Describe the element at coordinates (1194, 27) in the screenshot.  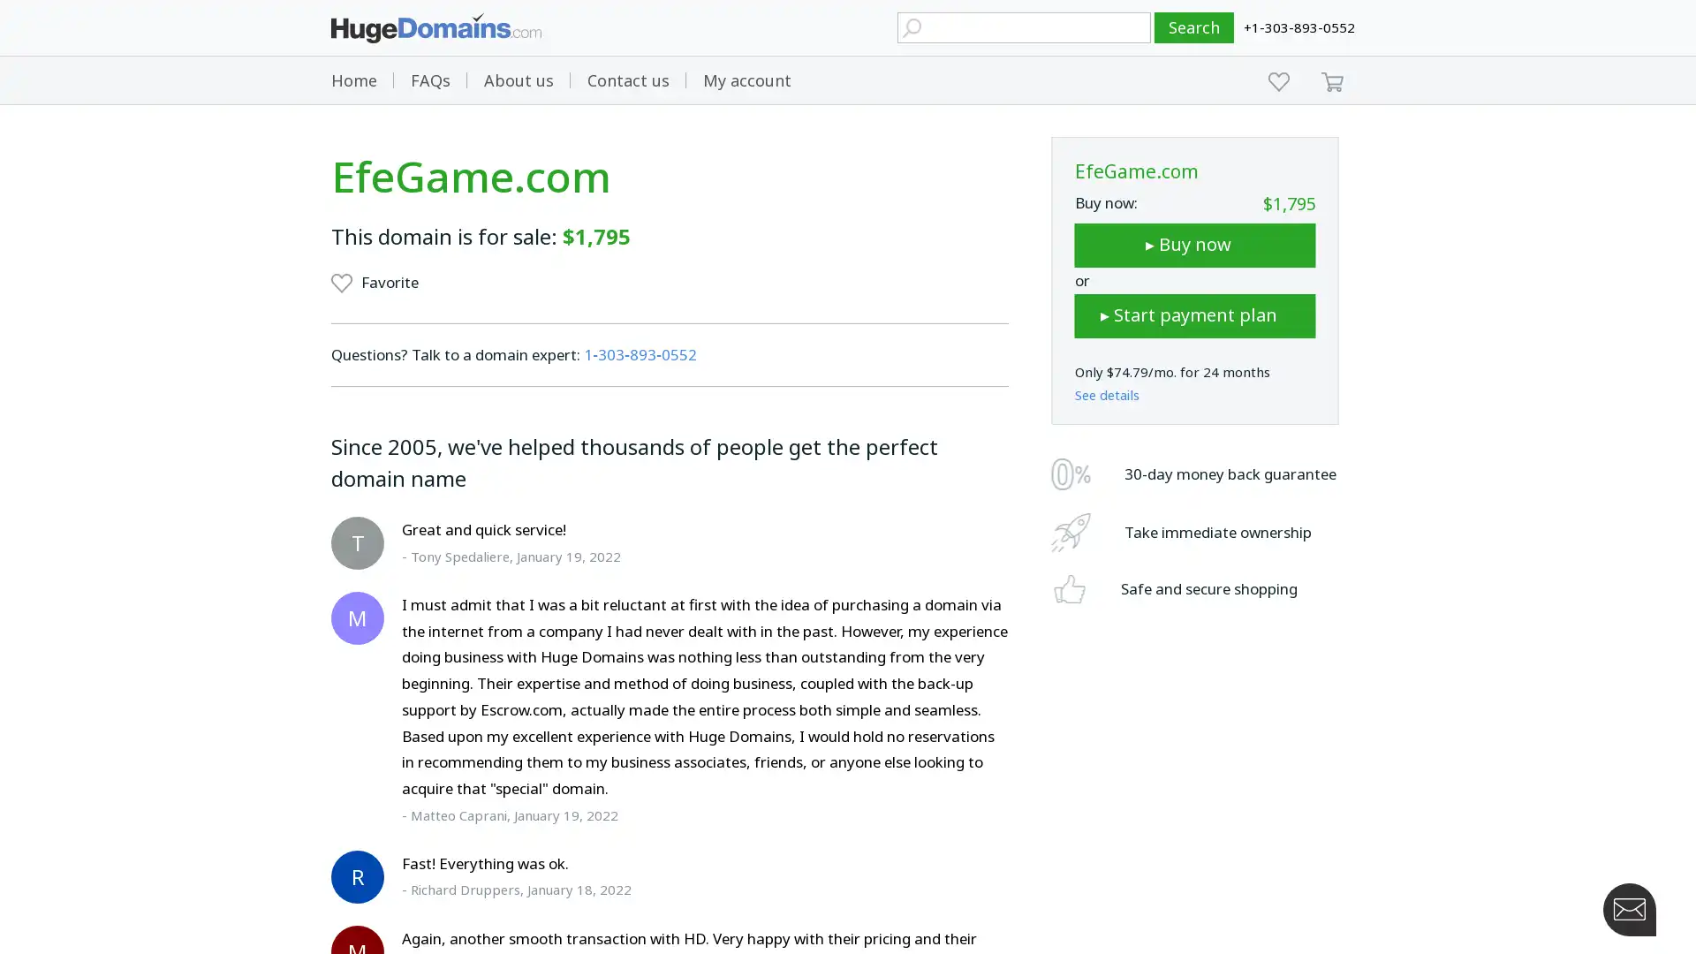
I see `Search` at that location.